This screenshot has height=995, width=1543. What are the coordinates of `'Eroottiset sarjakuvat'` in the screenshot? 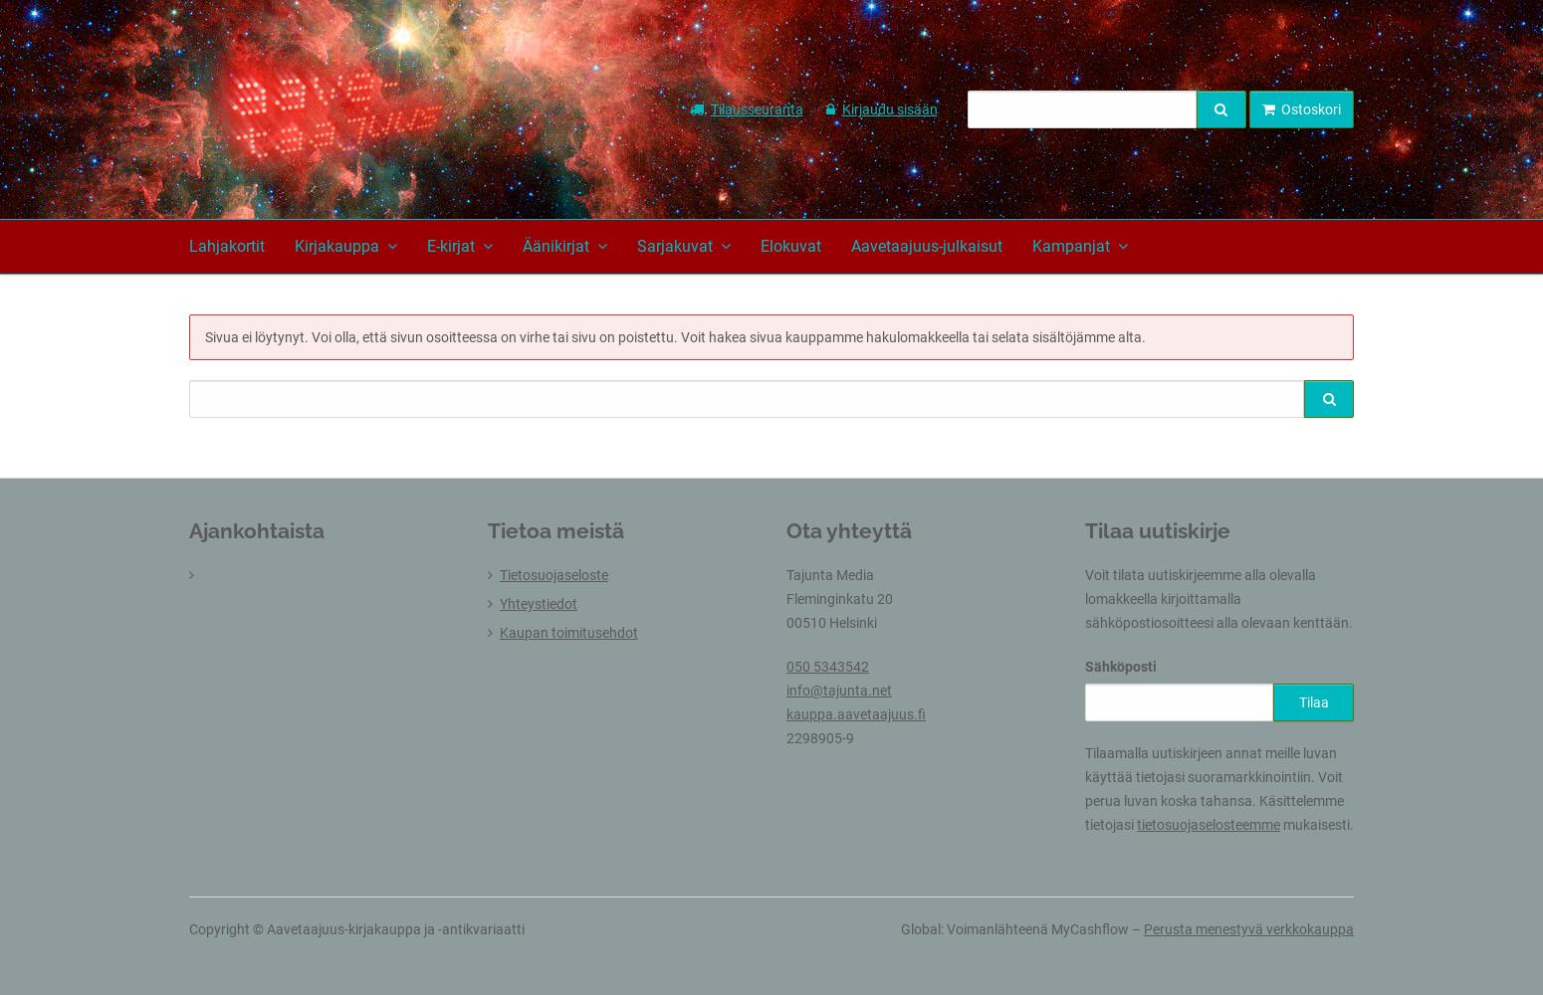 It's located at (636, 737).